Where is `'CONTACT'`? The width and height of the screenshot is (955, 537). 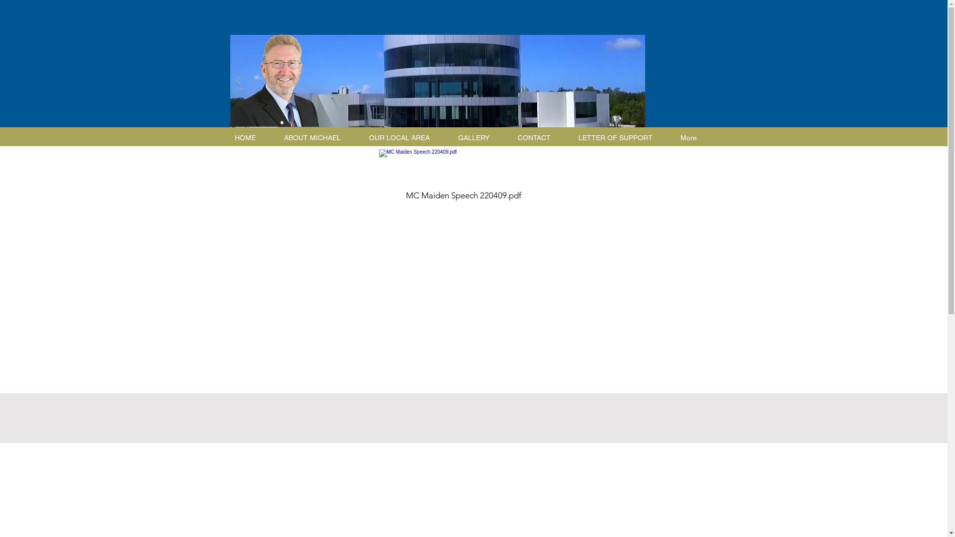 'CONTACT' is located at coordinates (538, 138).